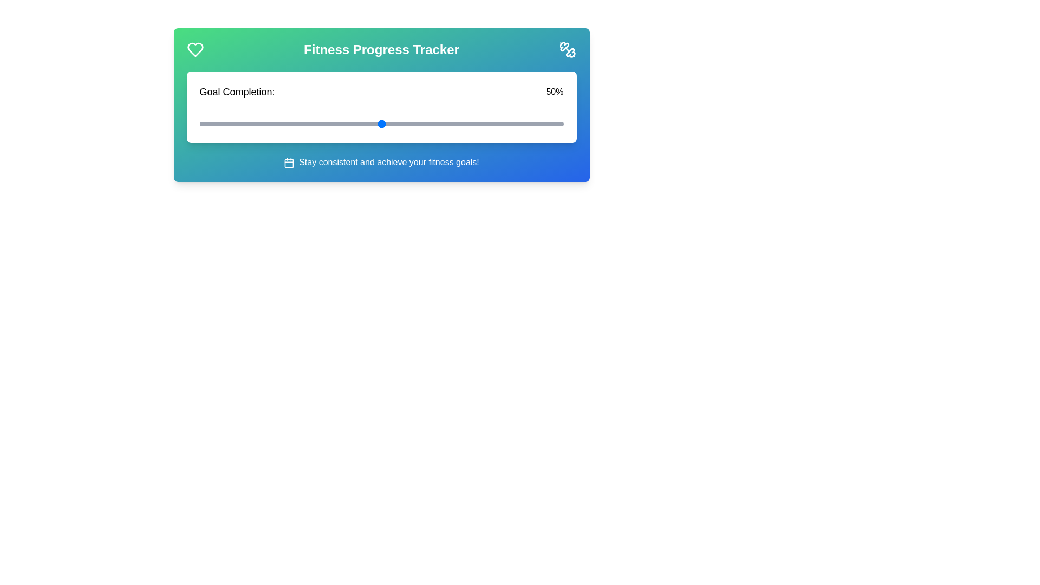 The image size is (1040, 585). Describe the element at coordinates (413, 123) in the screenshot. I see `the slider to set the goal completion percentage to 59` at that location.